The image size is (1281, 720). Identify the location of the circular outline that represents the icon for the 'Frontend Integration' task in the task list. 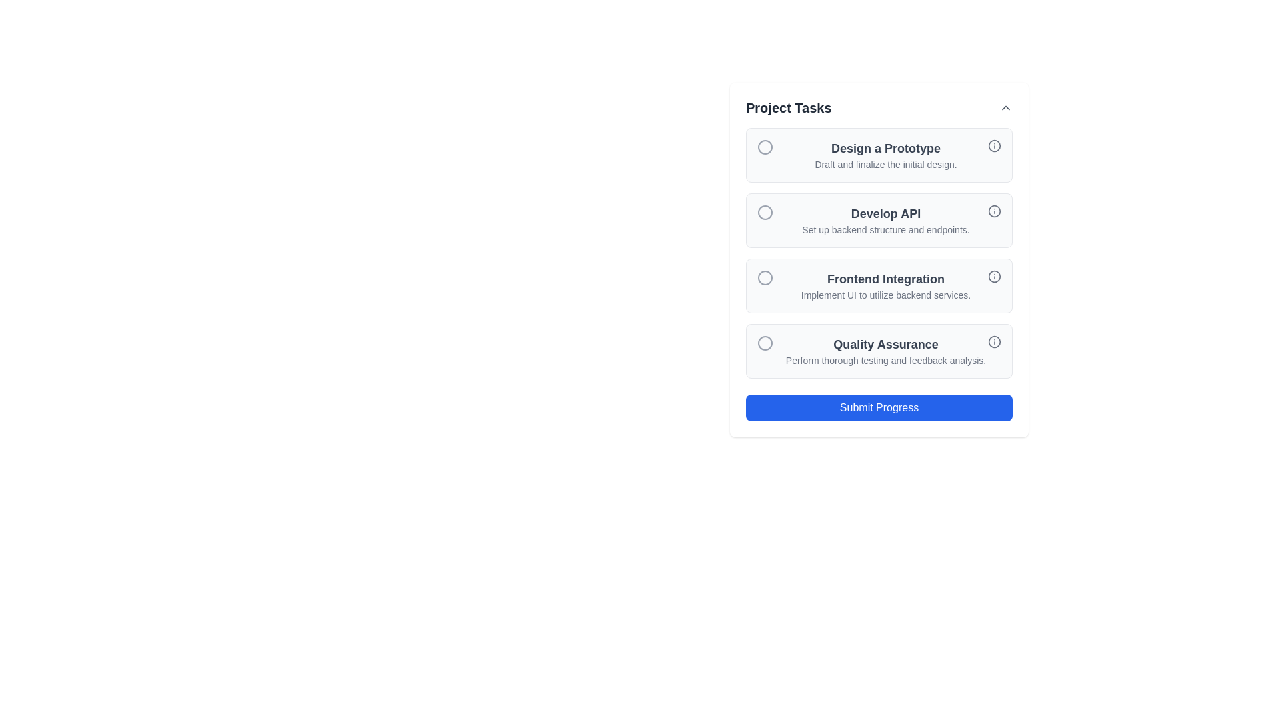
(995, 276).